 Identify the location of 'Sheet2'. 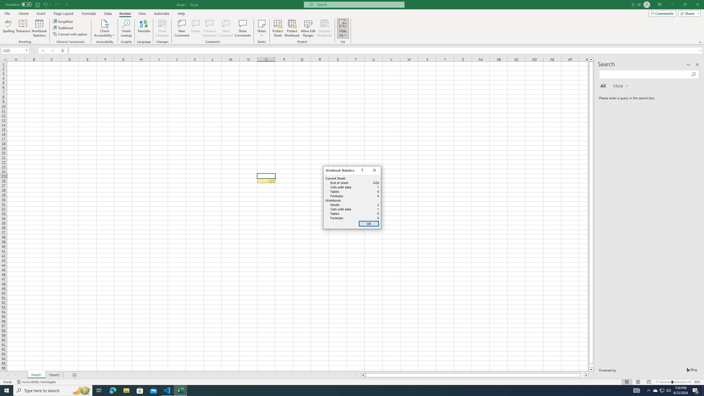
(54, 375).